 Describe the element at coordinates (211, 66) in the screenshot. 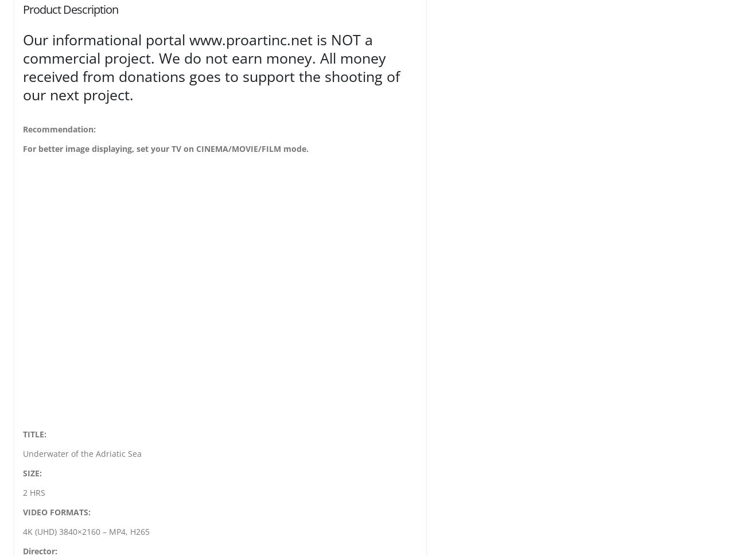

I see `'Our informational portal www.proartinc.net is NOT a commercial project. We do not earn money. All money received from donations goes to support the shooting of our next project.'` at that location.